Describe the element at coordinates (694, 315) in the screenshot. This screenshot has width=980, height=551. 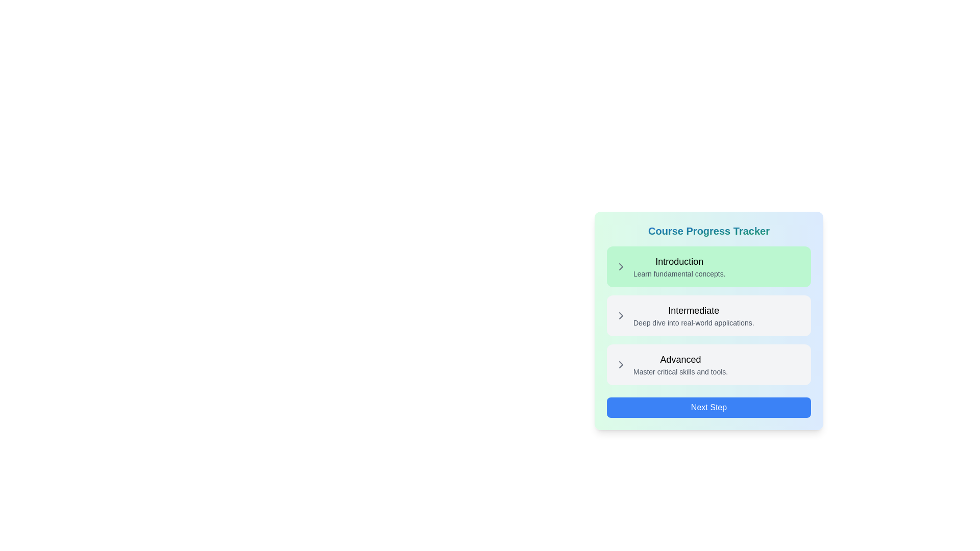
I see `the text block containing 'Intermediate' and 'Deep dive into real-world applications.' within the Course Progress Tracker card` at that location.